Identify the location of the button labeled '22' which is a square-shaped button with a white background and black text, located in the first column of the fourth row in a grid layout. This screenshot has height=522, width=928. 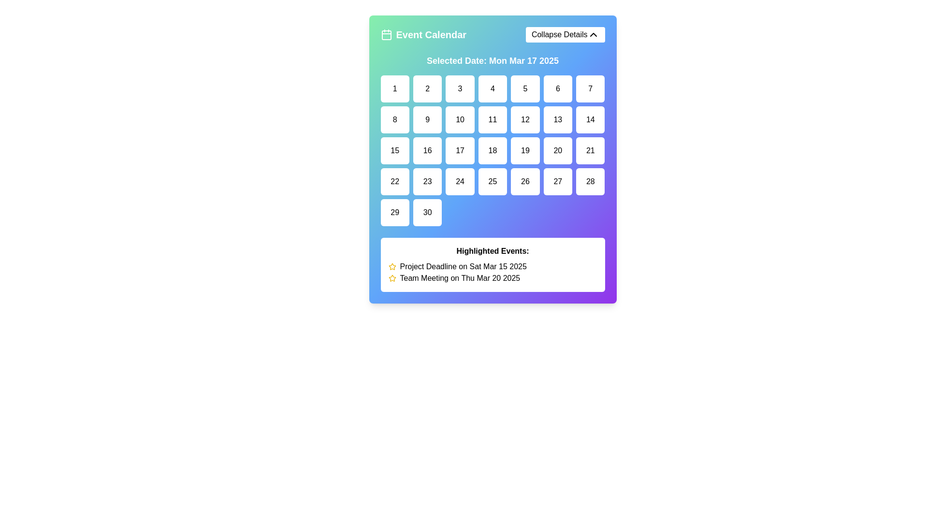
(395, 181).